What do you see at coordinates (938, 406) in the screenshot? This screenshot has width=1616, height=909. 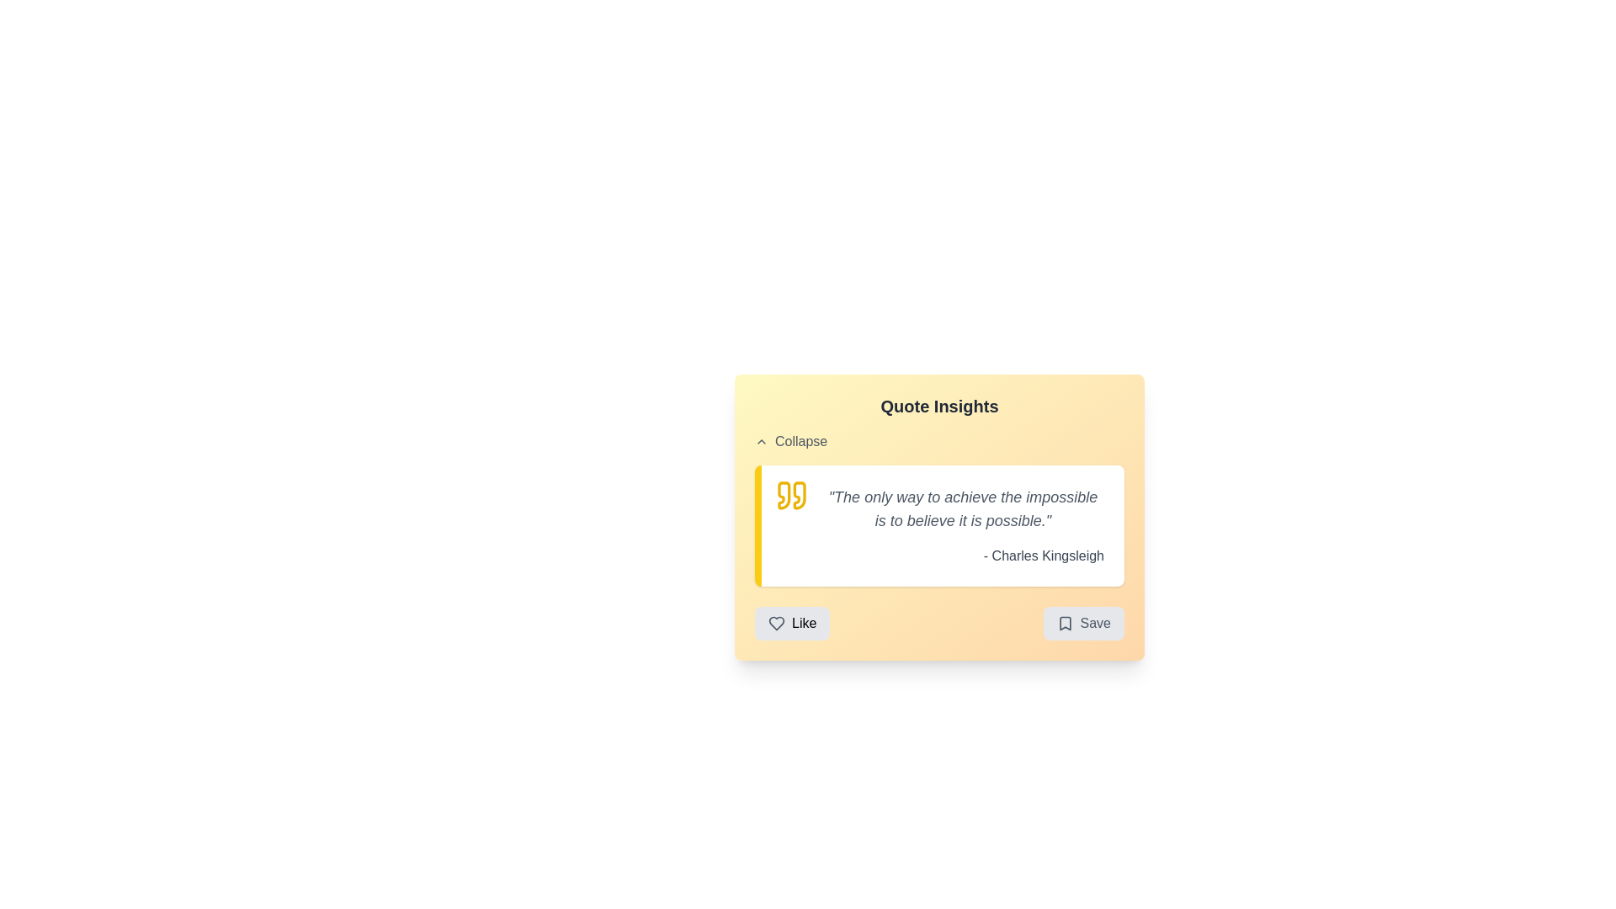 I see `the text label that serves as the title or header of the card section, which is centrally aligned at the top of the card, above other elements` at bounding box center [938, 406].